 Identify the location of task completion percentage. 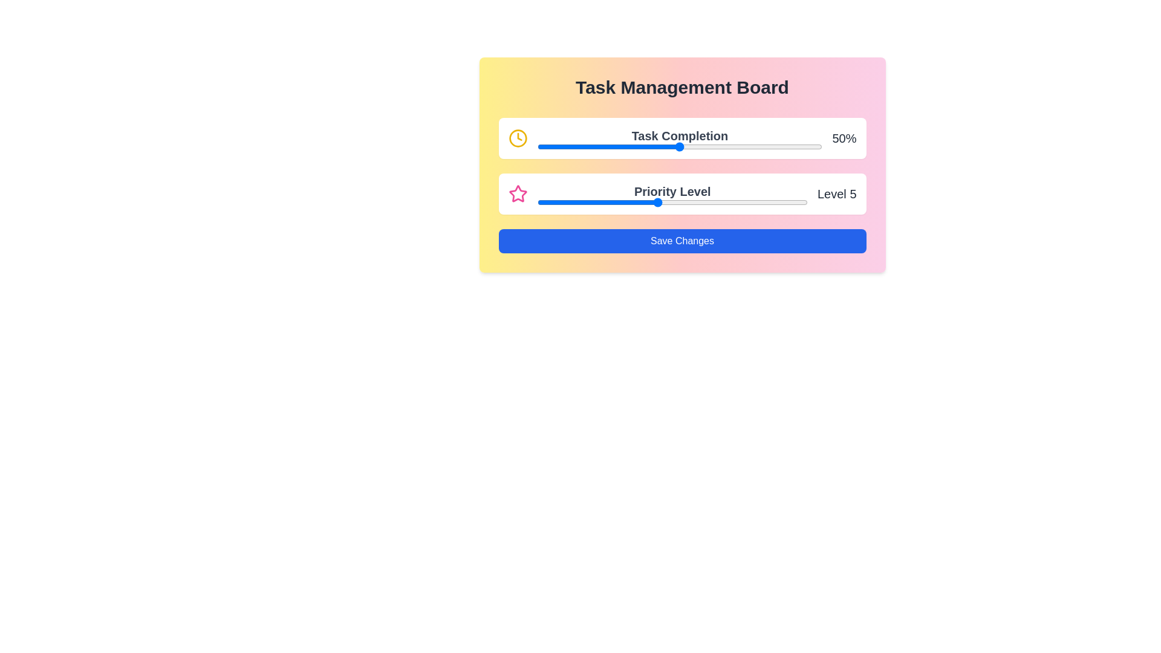
(694, 146).